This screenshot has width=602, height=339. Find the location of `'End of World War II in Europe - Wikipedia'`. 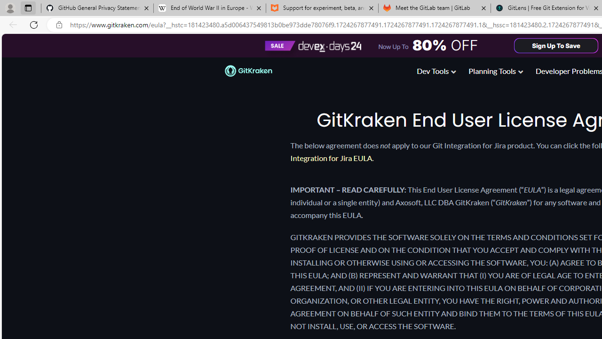

'End of World War II in Europe - Wikipedia' is located at coordinates (209, 8).